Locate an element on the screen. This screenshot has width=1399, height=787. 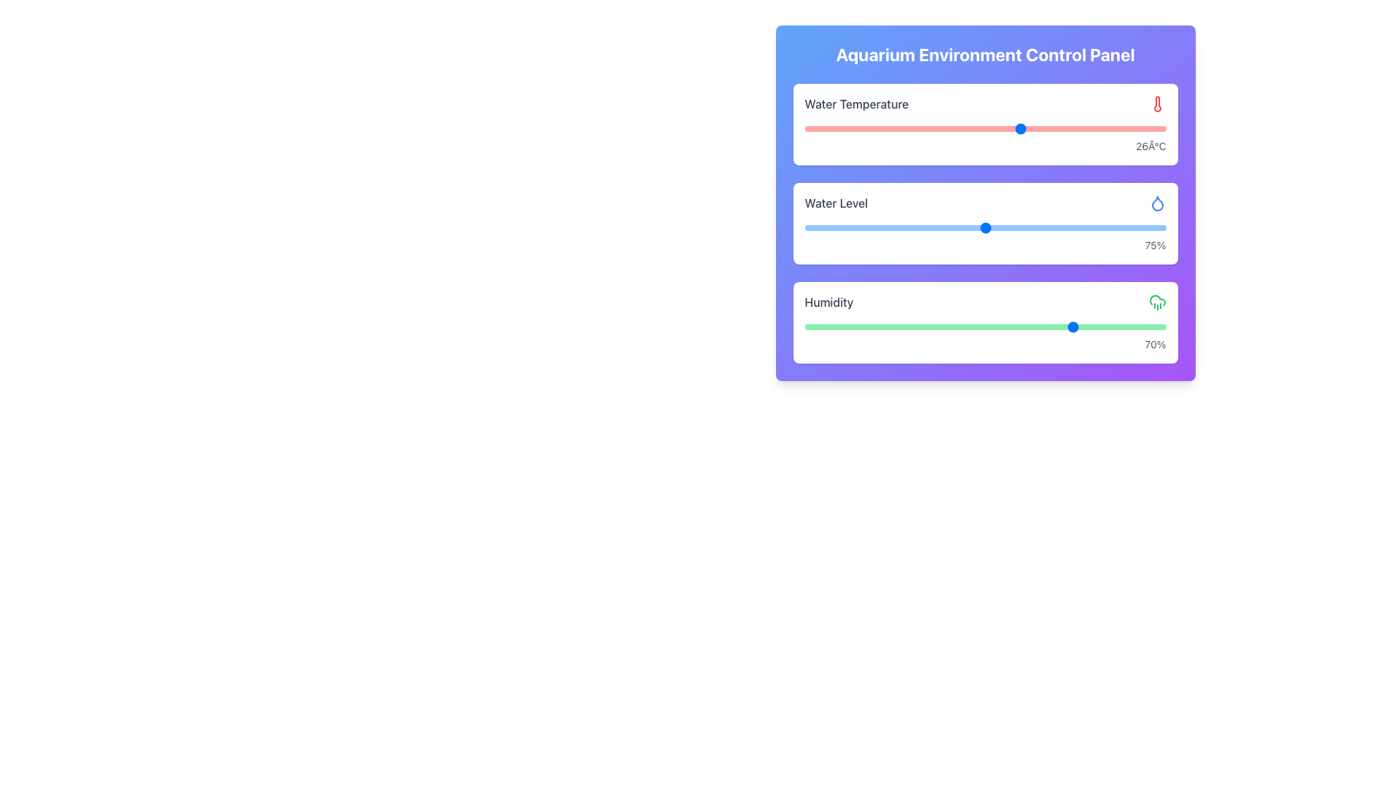
the blue water droplet icon with a white fill, located adjacent to the 70% humidity label on the third slider is located at coordinates (1156, 203).